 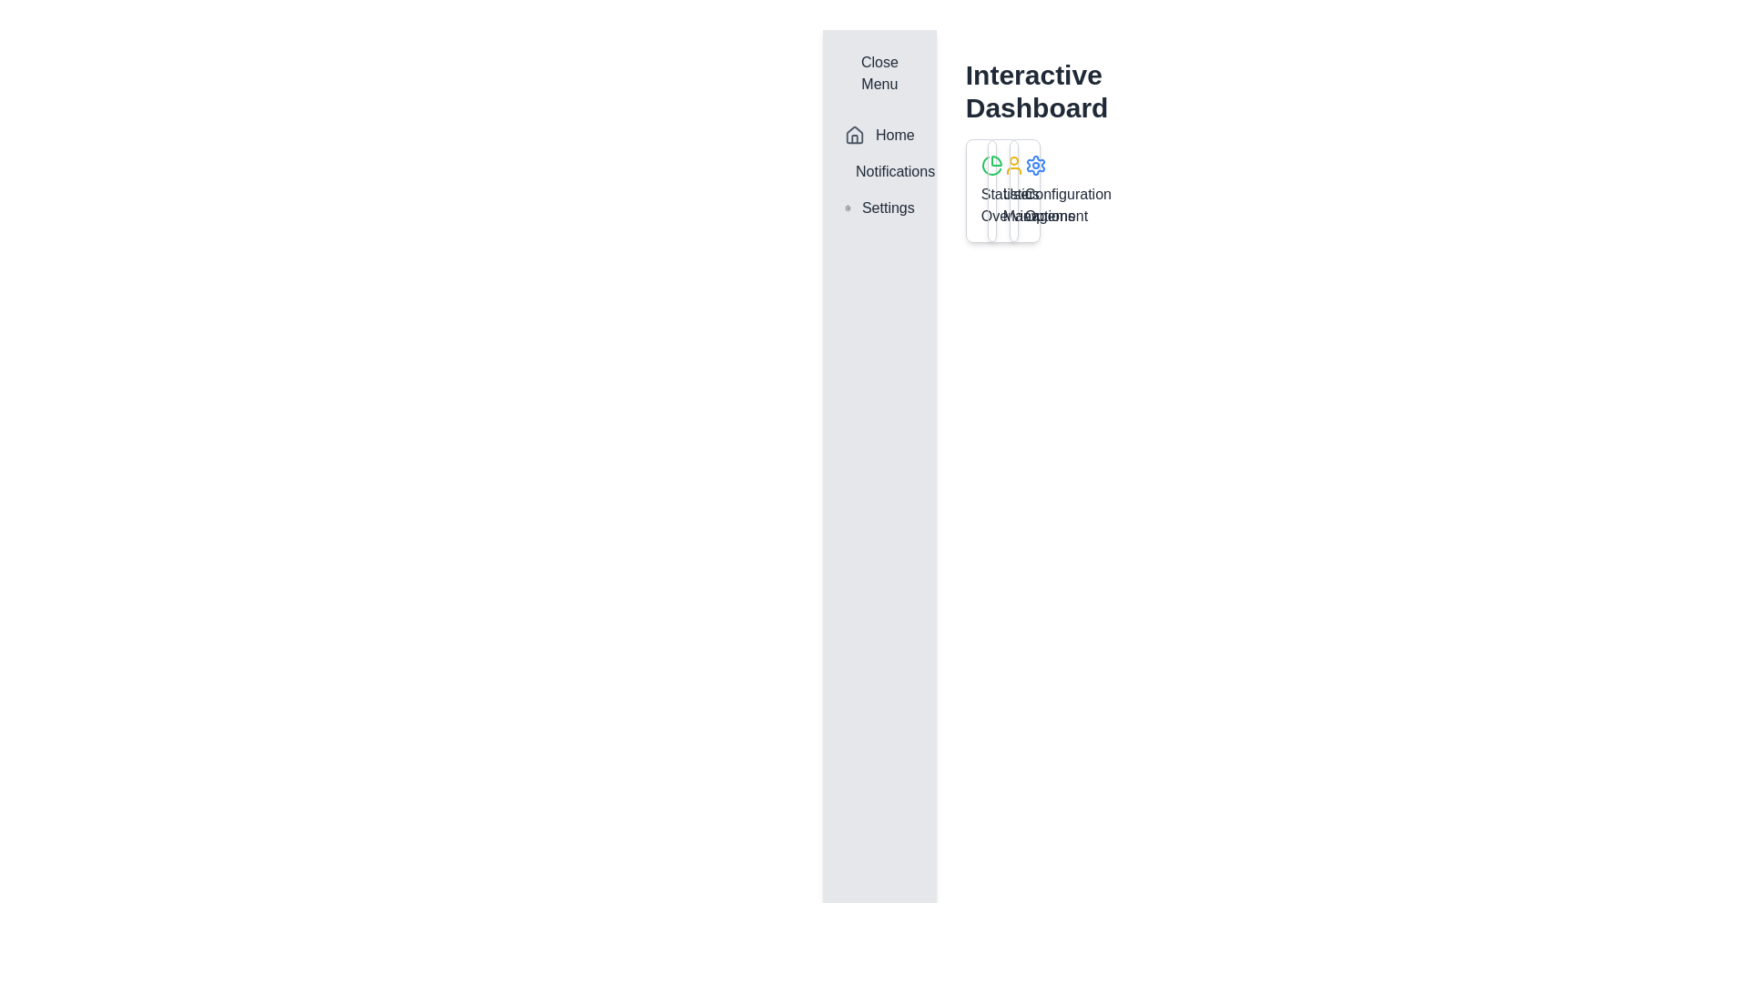 I want to click on the statistical data indicator icon located at the top-left corner of the 'Statistics Overview' card in the main content panel, so click(x=991, y=165).